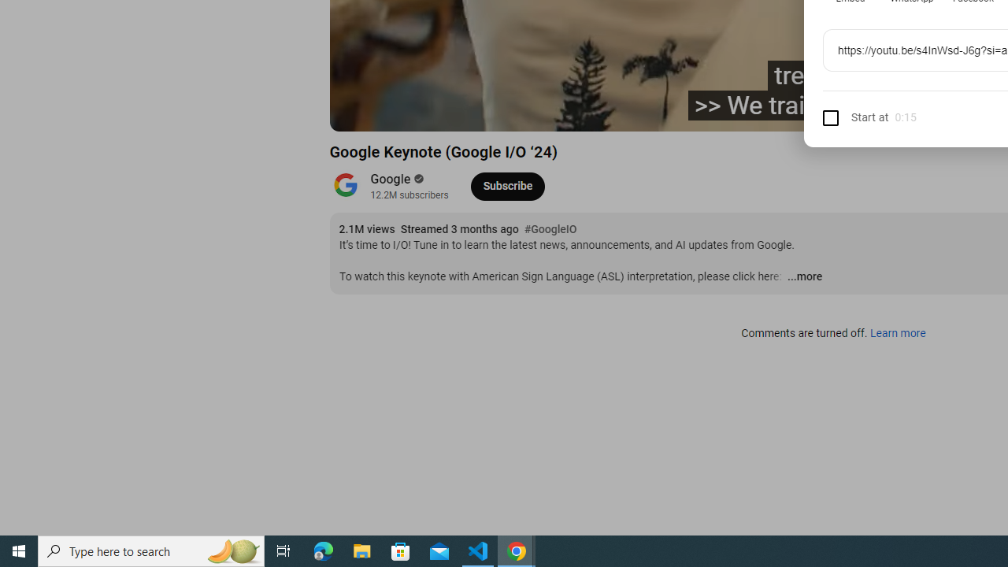  Describe the element at coordinates (600, 111) in the screenshot. I see `'Opening Film'` at that location.